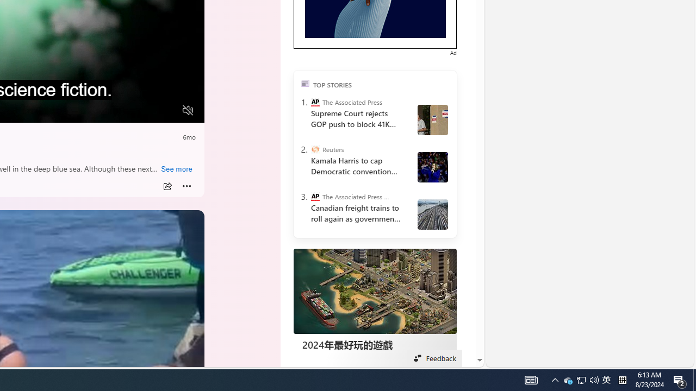 This screenshot has width=696, height=391. What do you see at coordinates (432, 167) in the screenshot?
I see `' Harris and Walz campaign in Wisconsin'` at bounding box center [432, 167].